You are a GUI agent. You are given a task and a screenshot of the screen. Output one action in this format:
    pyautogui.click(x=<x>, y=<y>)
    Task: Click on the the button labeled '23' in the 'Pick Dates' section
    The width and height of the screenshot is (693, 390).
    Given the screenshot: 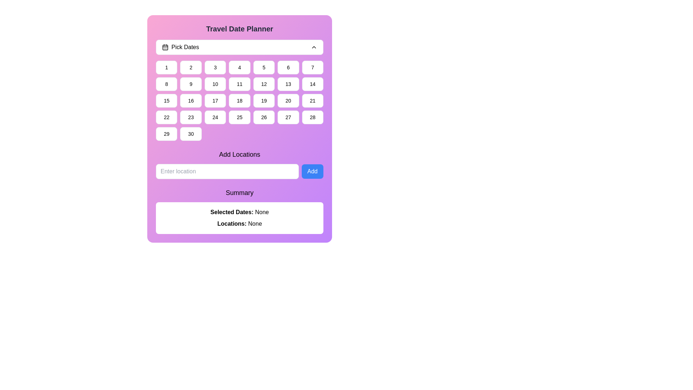 What is the action you would take?
    pyautogui.click(x=191, y=117)
    